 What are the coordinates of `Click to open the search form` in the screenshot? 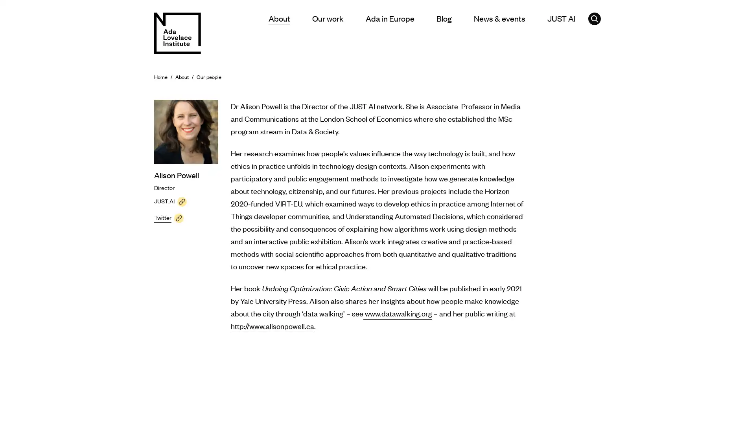 It's located at (595, 18).